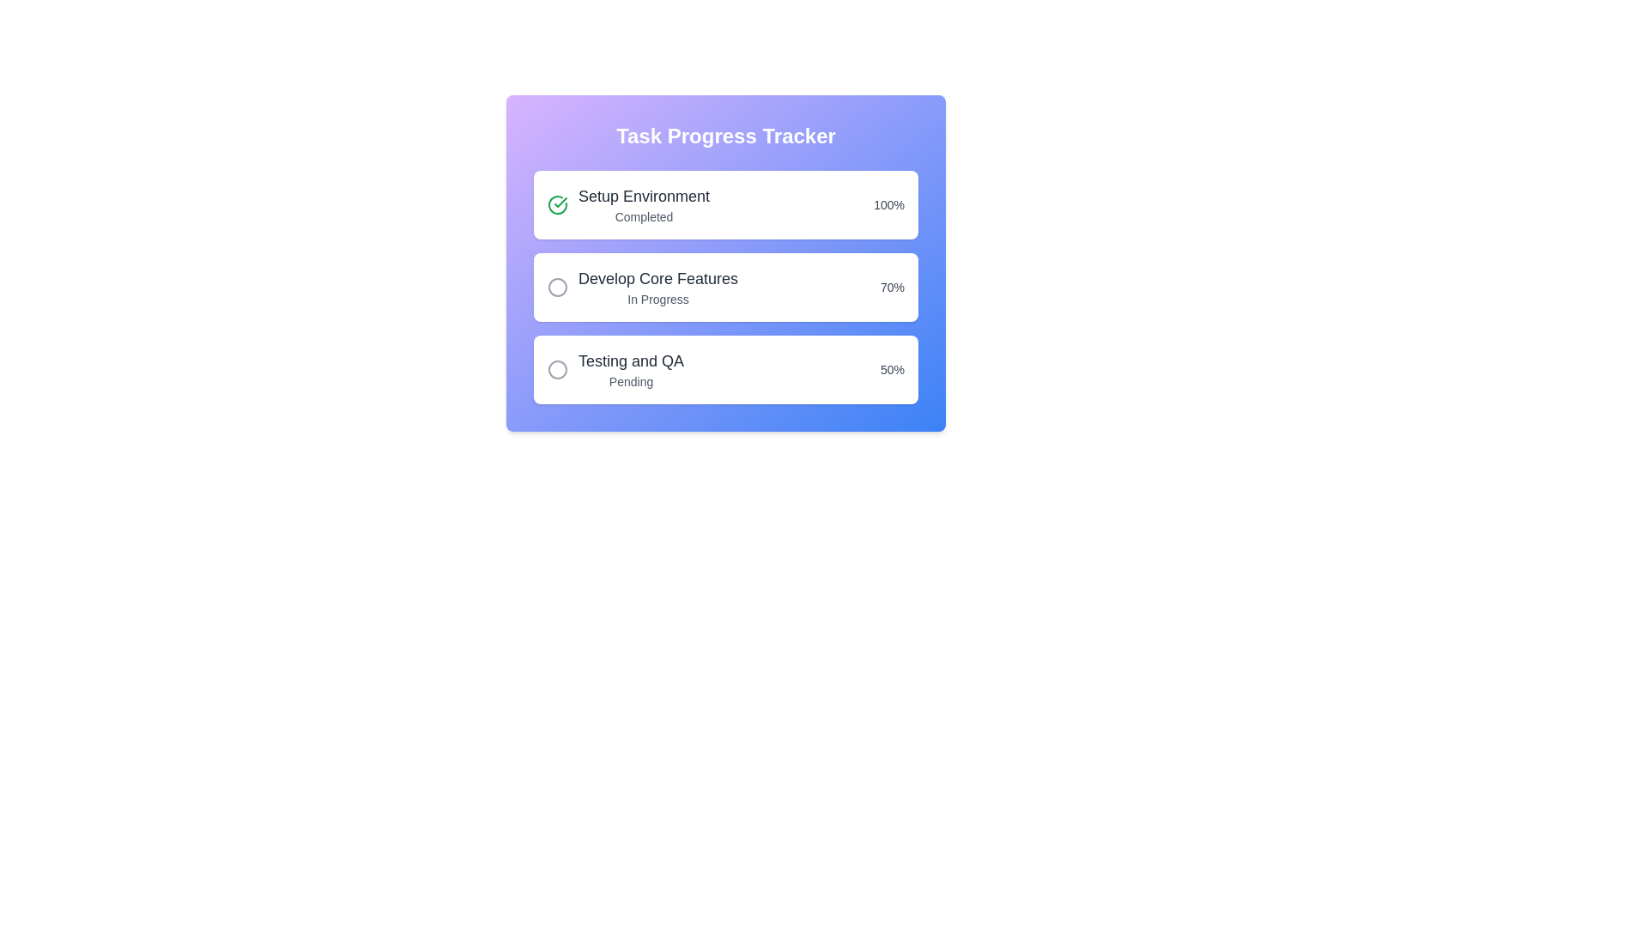  What do you see at coordinates (725, 287) in the screenshot?
I see `displayed information from the Task Card titled 'Develop Core Features', which shows 'In Progress' status and '70%' completion percentage` at bounding box center [725, 287].